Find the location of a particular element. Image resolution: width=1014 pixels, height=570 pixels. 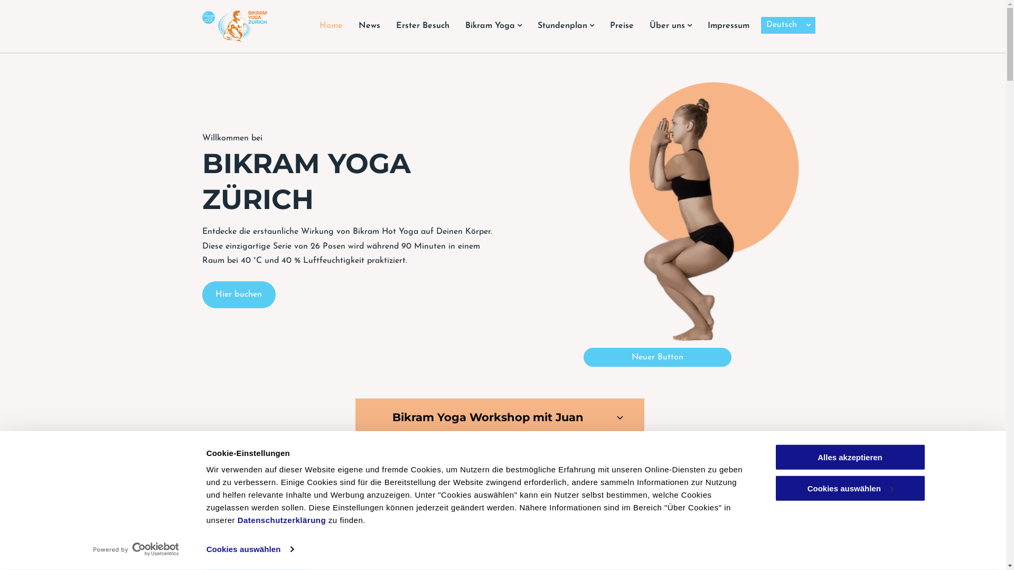

'Hier buchen' is located at coordinates (238, 294).